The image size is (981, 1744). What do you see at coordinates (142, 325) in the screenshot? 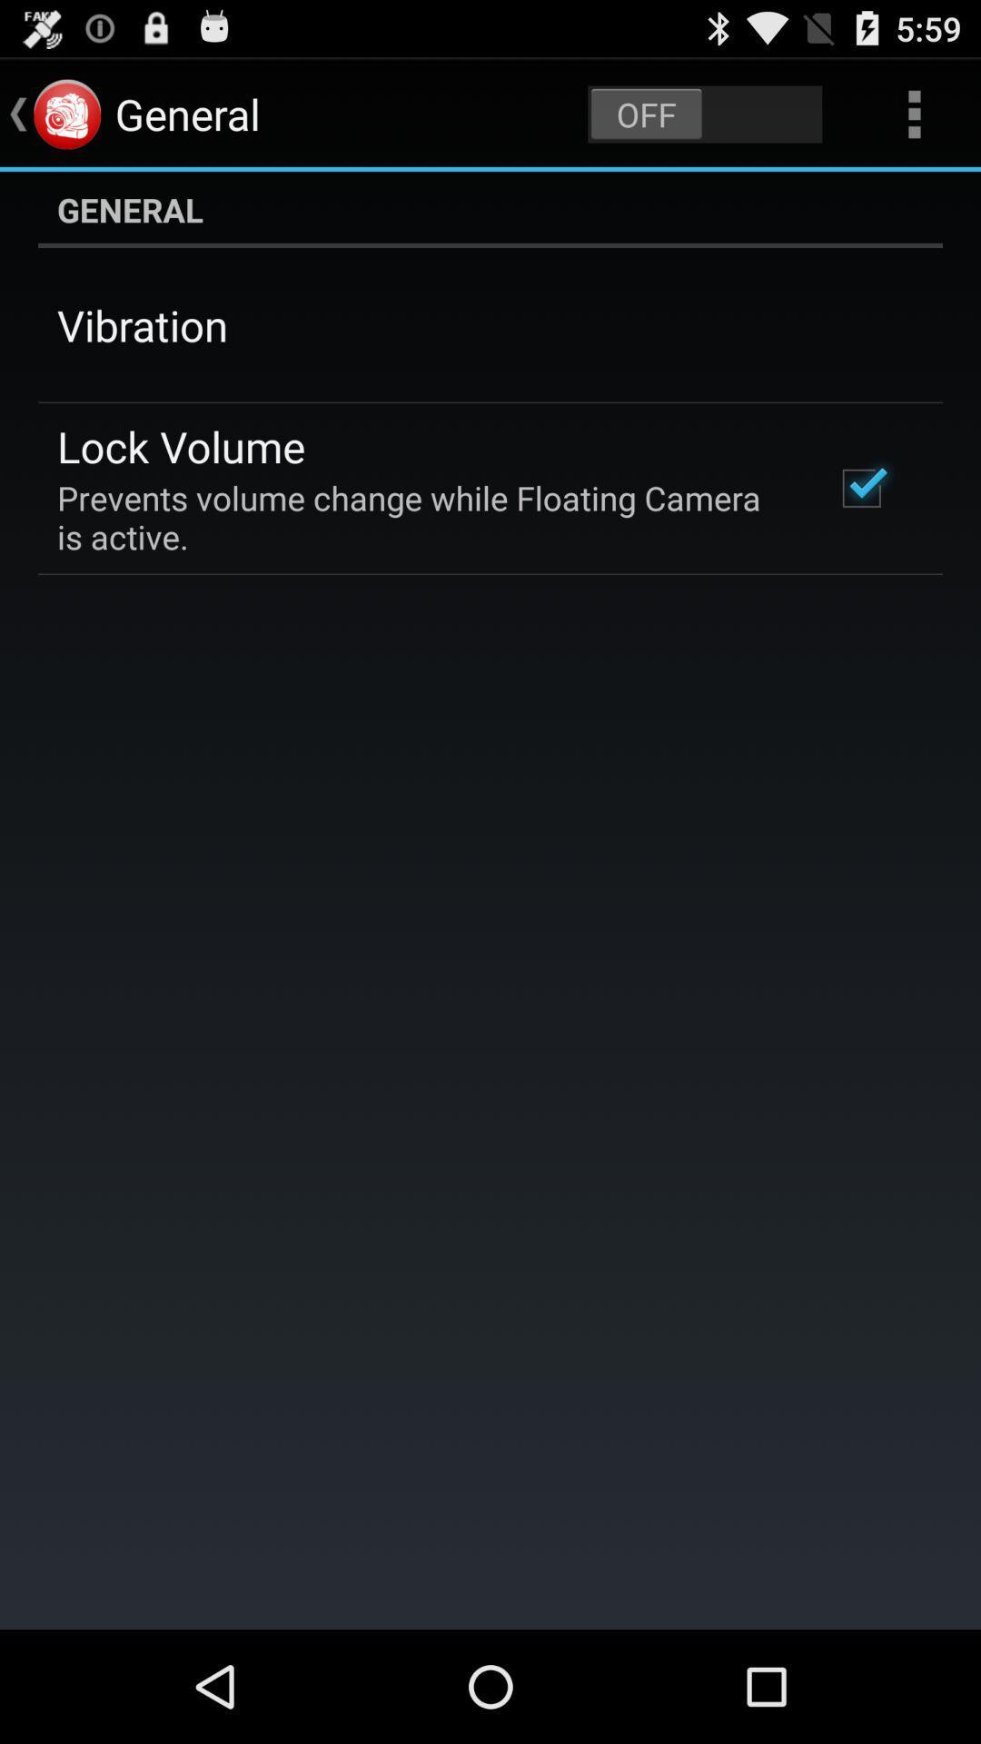
I see `vibration app` at bounding box center [142, 325].